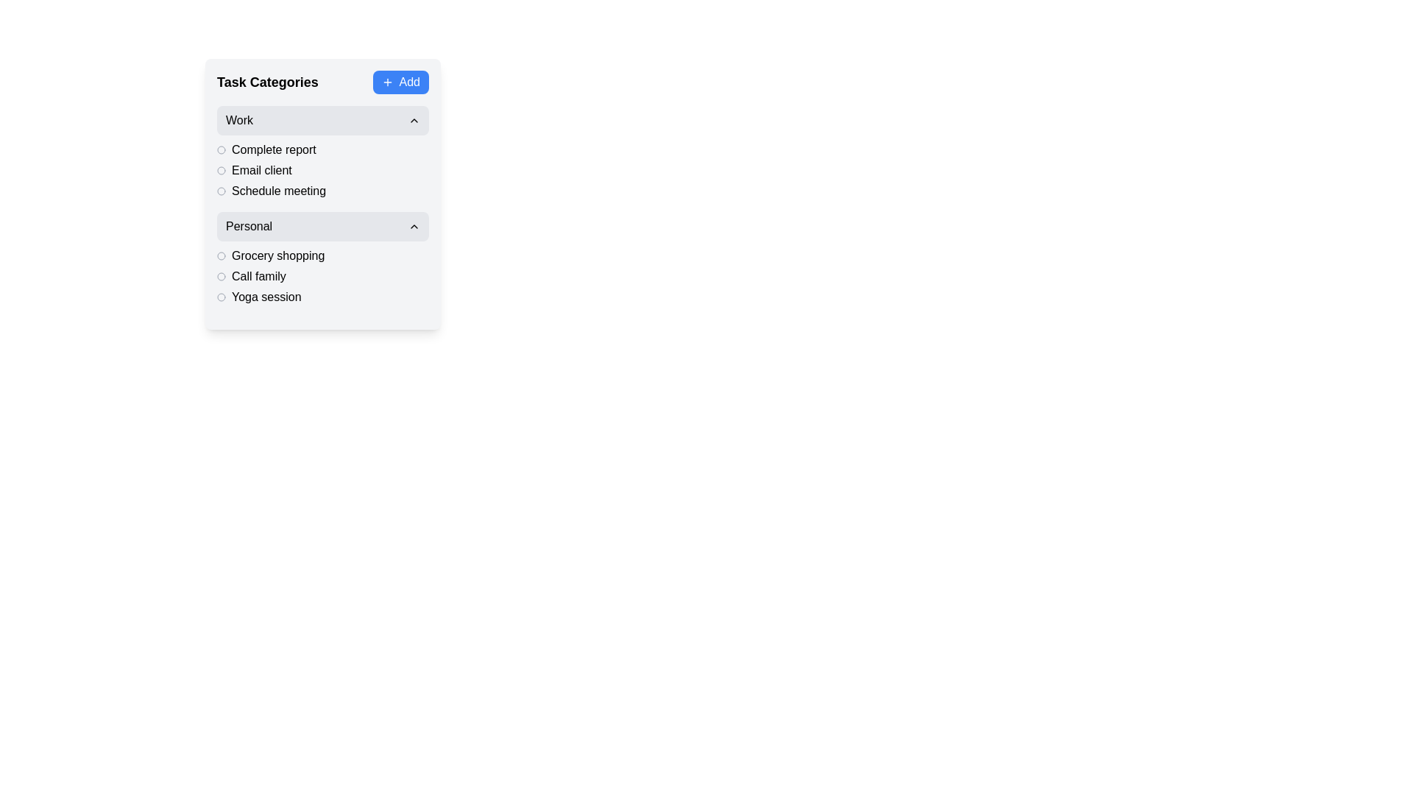 The height and width of the screenshot is (795, 1413). What do you see at coordinates (221, 169) in the screenshot?
I see `the small circular gray icon located to the left of the 'Email client' text in the 'Task Categories' section` at bounding box center [221, 169].